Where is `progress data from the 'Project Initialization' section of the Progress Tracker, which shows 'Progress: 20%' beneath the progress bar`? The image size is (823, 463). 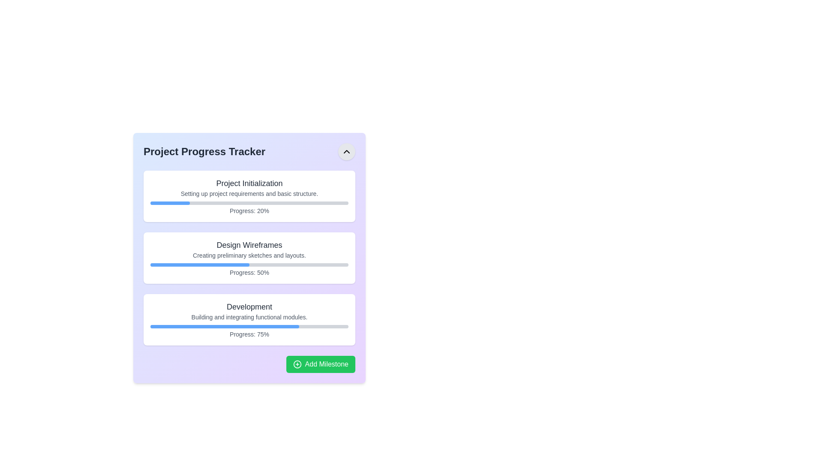
progress data from the 'Project Initialization' section of the Progress Tracker, which shows 'Progress: 20%' beneath the progress bar is located at coordinates (249, 196).